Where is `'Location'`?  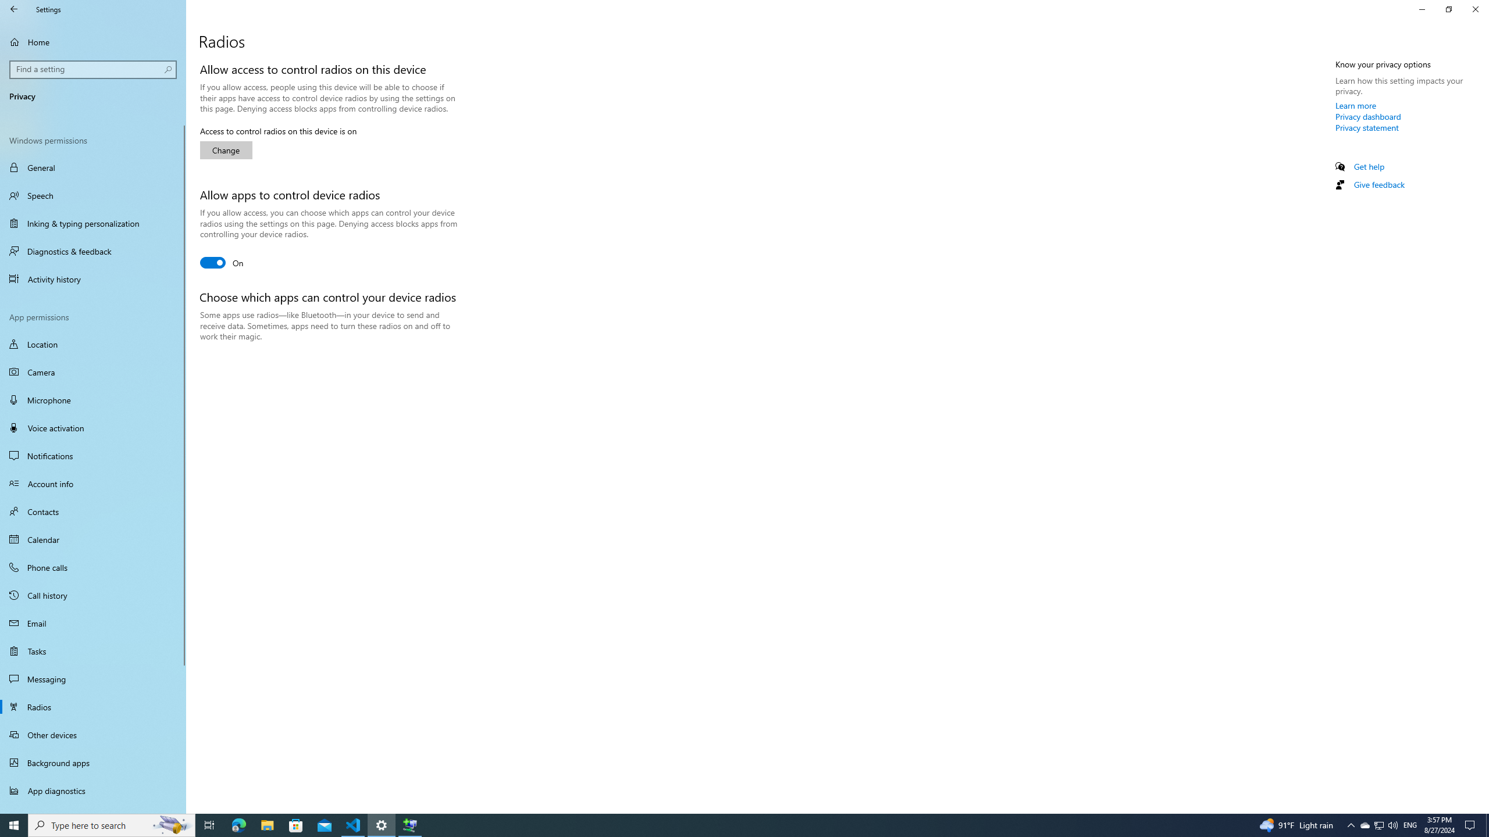
'Location' is located at coordinates (92, 343).